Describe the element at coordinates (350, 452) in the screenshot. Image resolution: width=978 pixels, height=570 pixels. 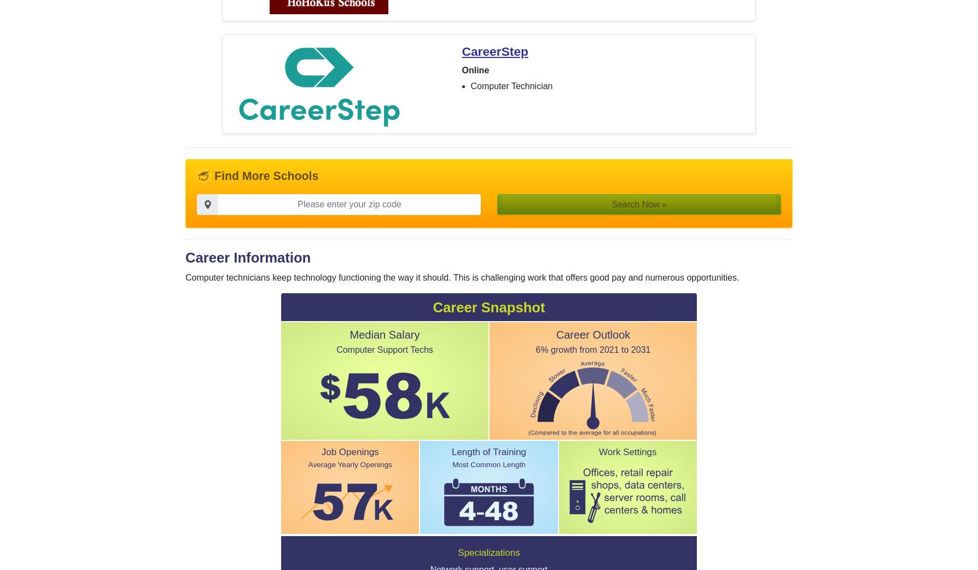
I see `'Job Openings'` at that location.